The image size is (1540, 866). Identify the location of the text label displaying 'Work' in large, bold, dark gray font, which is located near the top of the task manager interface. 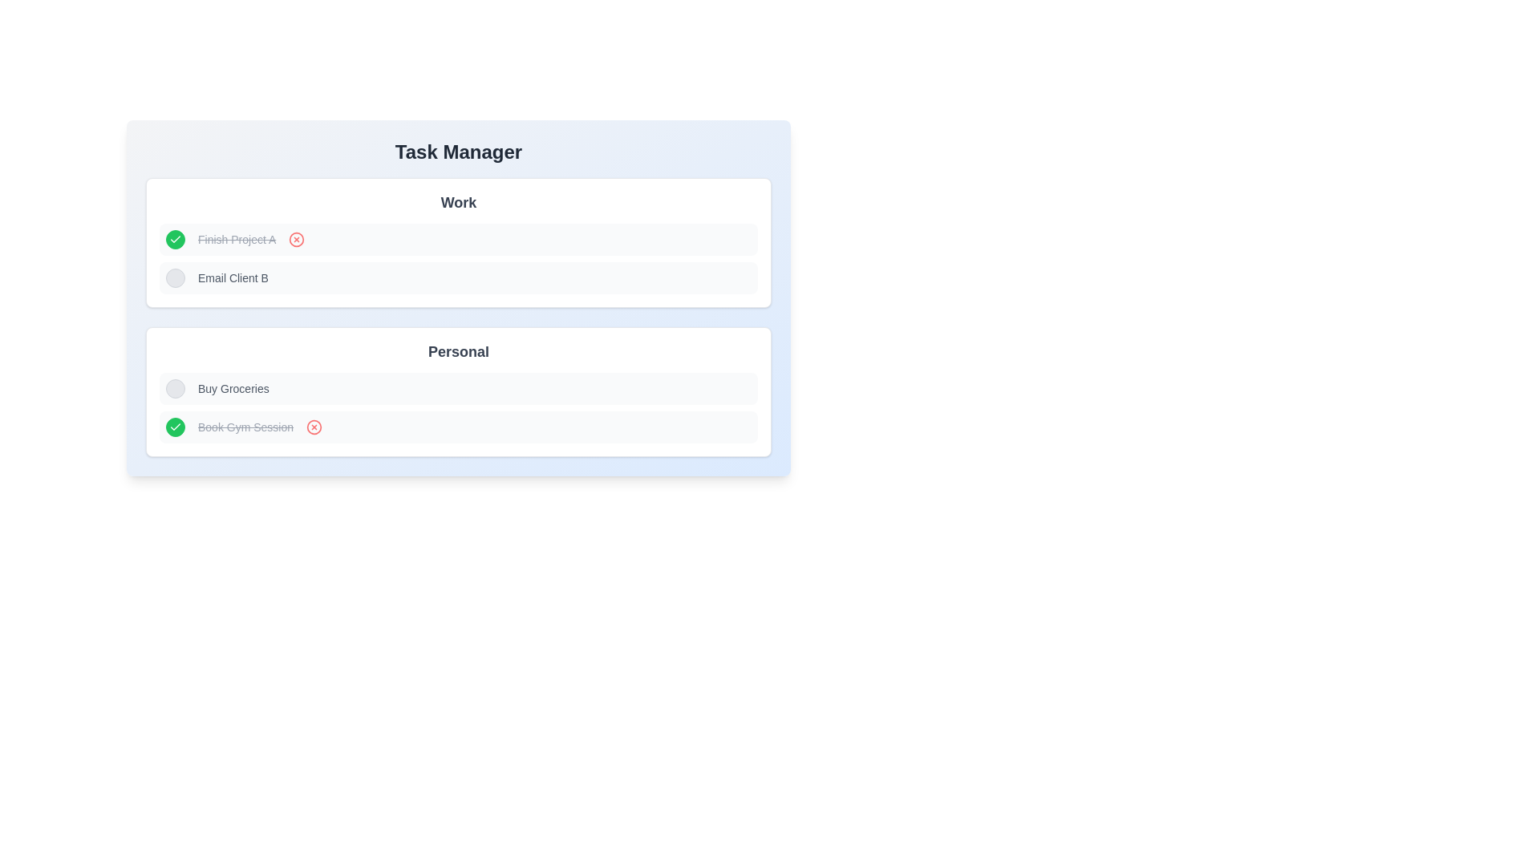
(457, 202).